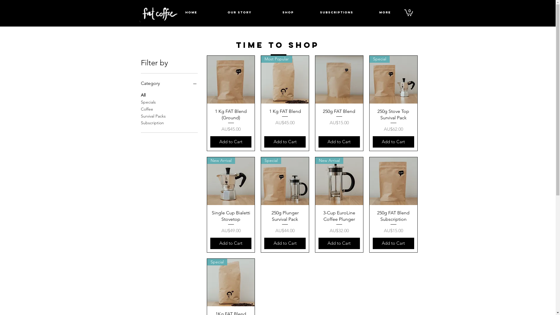 This screenshot has width=560, height=315. Describe the element at coordinates (408, 12) in the screenshot. I see `'0'` at that location.